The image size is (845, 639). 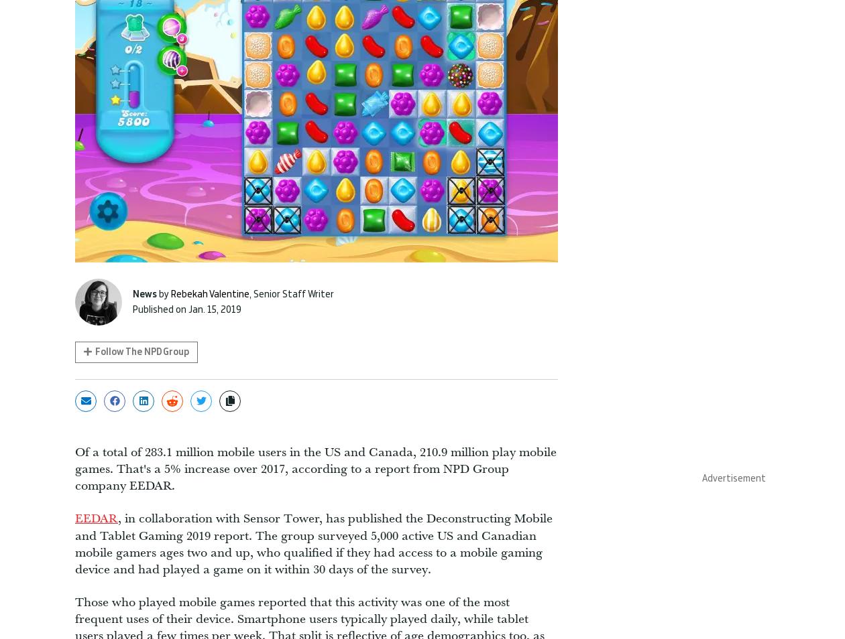 I want to click on 'Pitching Guidelines', so click(x=504, y=403).